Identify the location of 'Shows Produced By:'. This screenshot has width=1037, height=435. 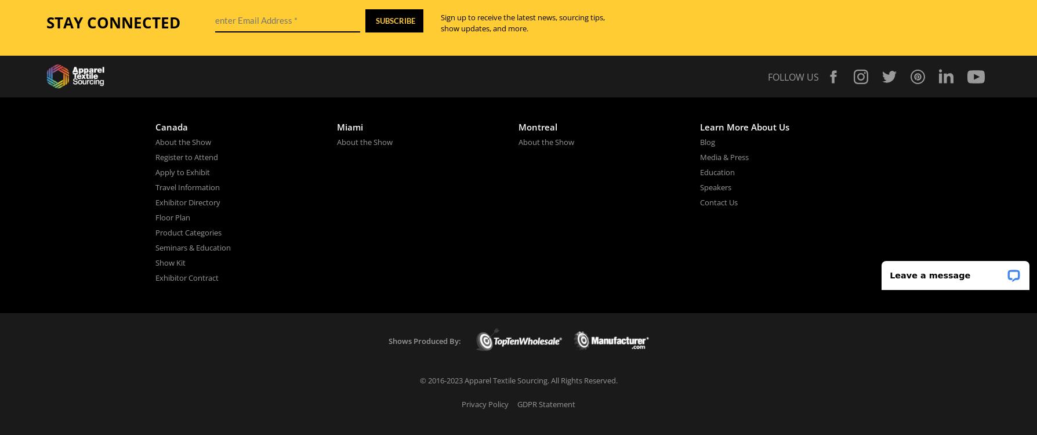
(423, 340).